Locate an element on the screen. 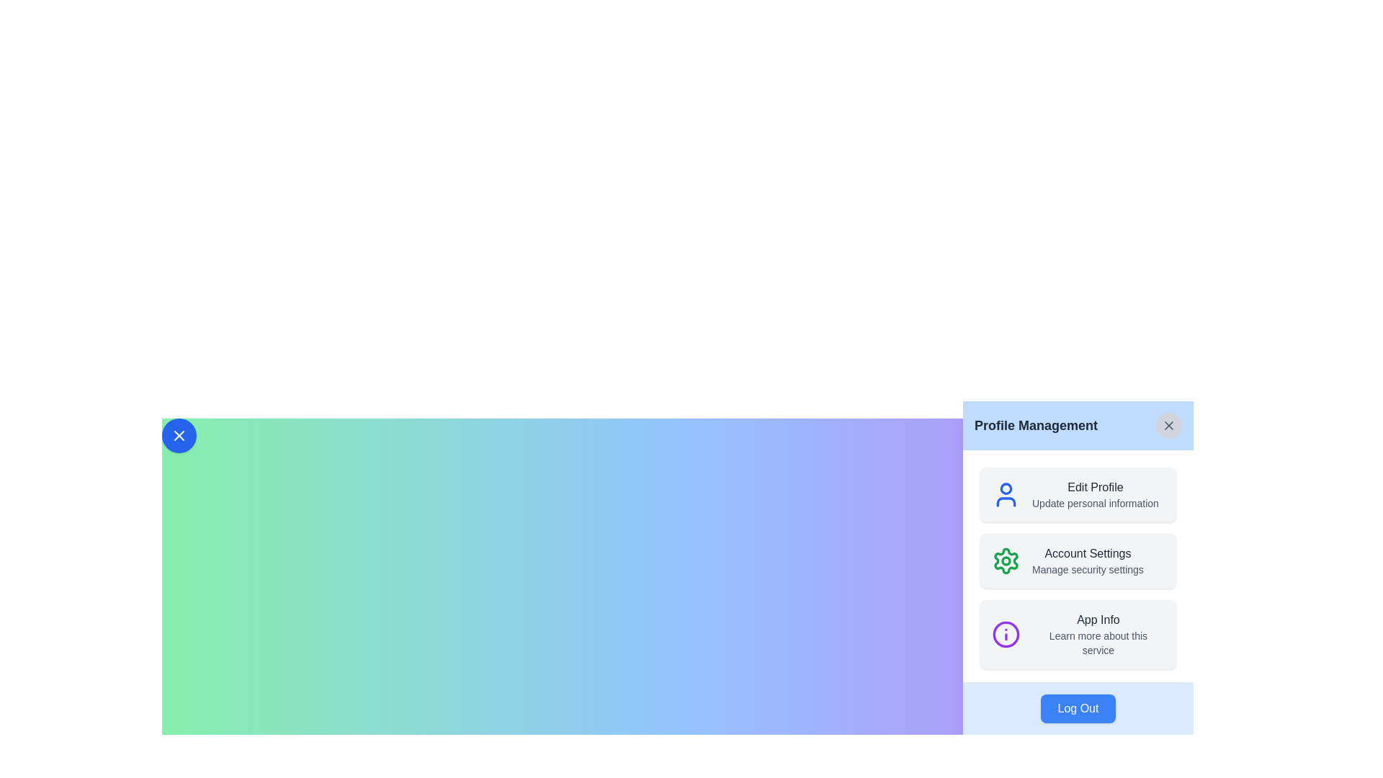  the logout button located at the bottom center of the sidebar to log out the user from the application is located at coordinates (1078, 707).